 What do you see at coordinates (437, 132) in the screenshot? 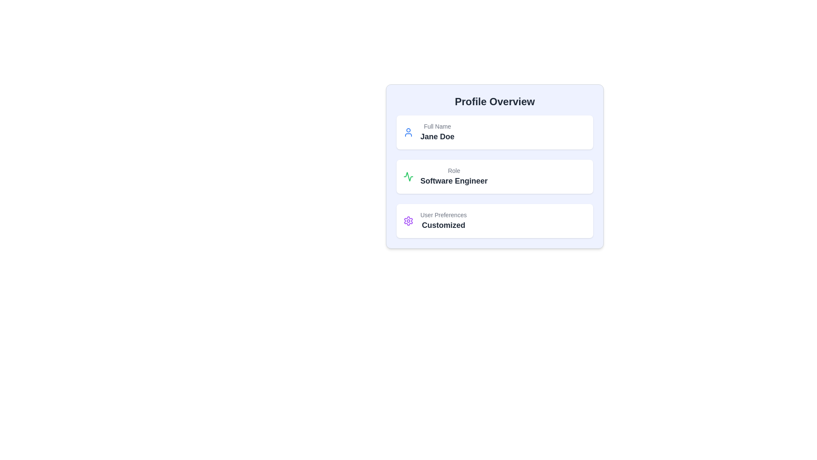
I see `the Text Display Component that shows the full name 'Jane Doe' in the profile overview section` at bounding box center [437, 132].